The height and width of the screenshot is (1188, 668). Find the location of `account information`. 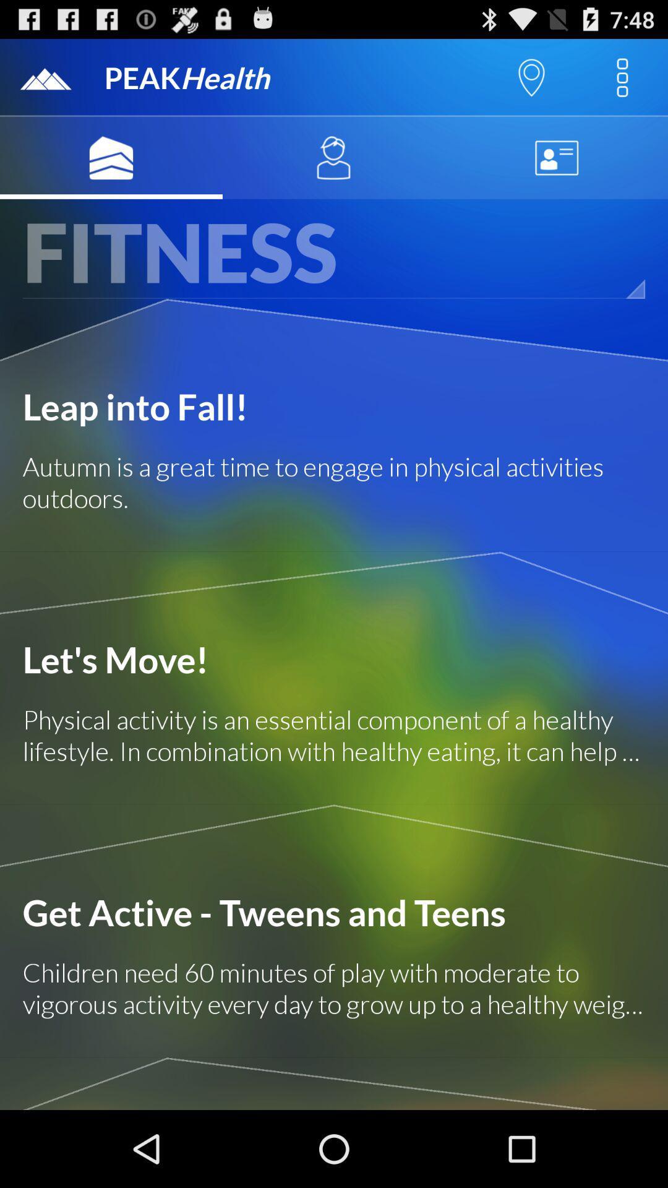

account information is located at coordinates (555, 157).